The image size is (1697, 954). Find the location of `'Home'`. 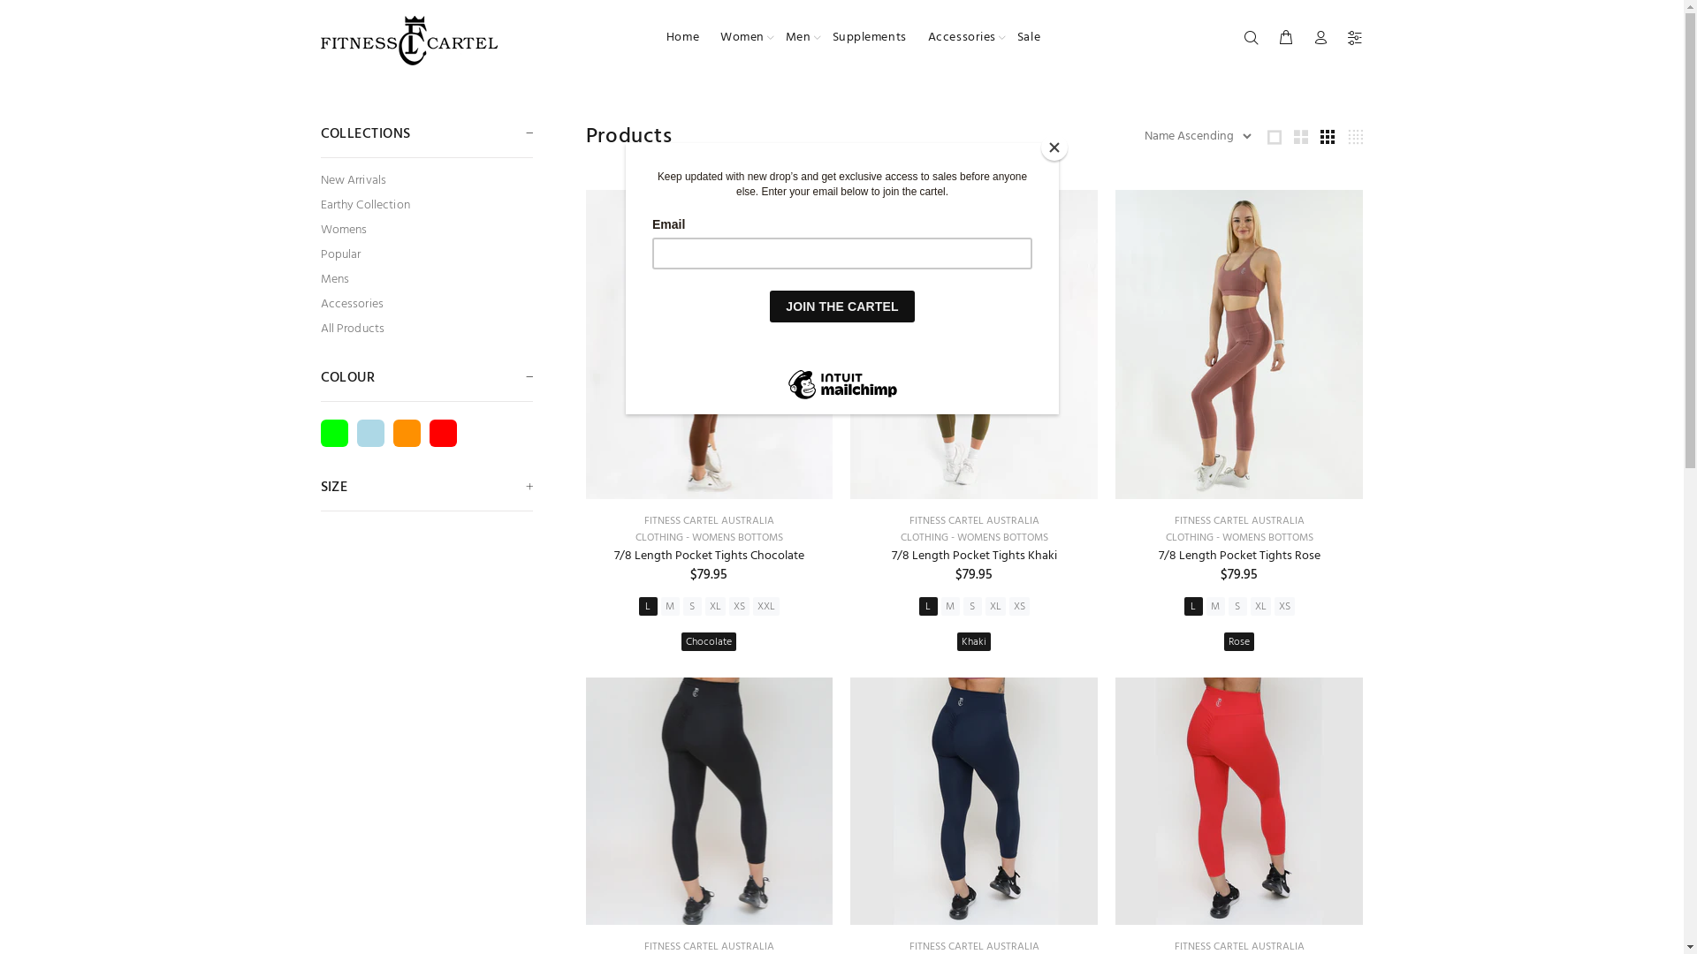

'Home' is located at coordinates (681, 37).